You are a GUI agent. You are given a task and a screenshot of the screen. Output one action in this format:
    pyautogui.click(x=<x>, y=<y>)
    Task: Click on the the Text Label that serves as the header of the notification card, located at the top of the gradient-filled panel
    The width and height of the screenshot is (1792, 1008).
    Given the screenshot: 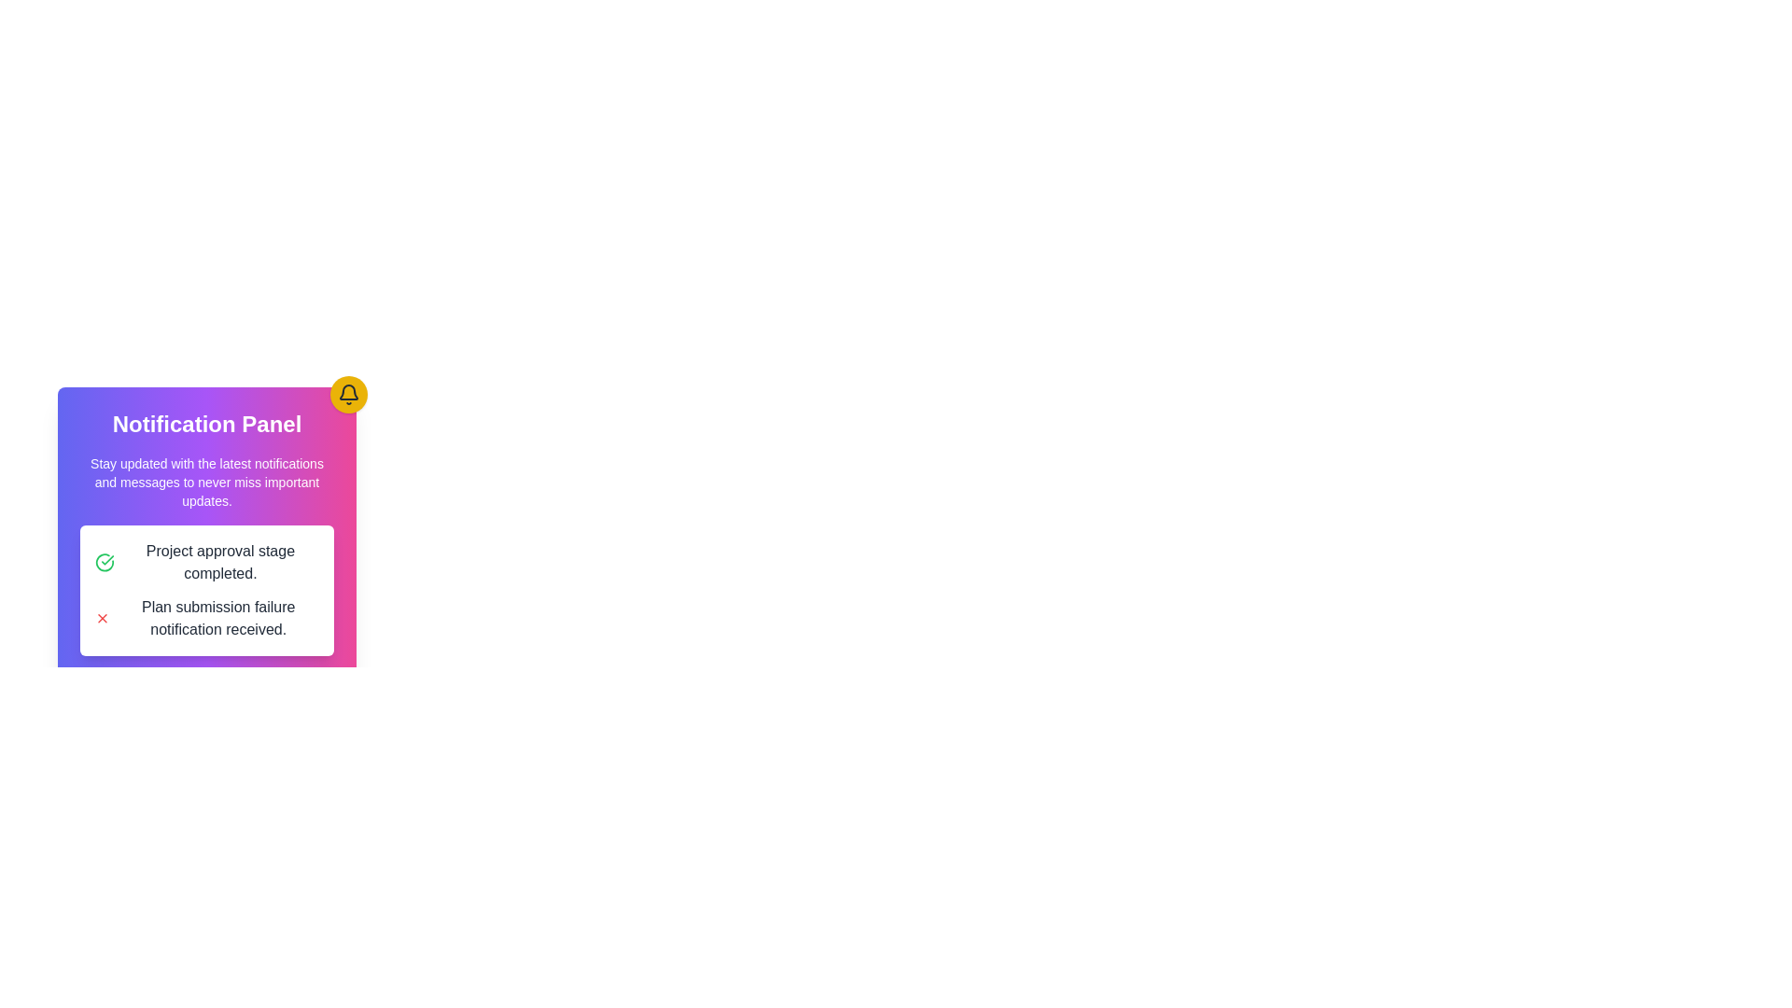 What is the action you would take?
    pyautogui.click(x=206, y=425)
    